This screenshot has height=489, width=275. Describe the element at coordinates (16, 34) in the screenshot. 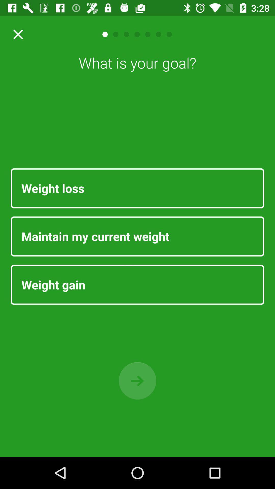

I see `exit button` at that location.